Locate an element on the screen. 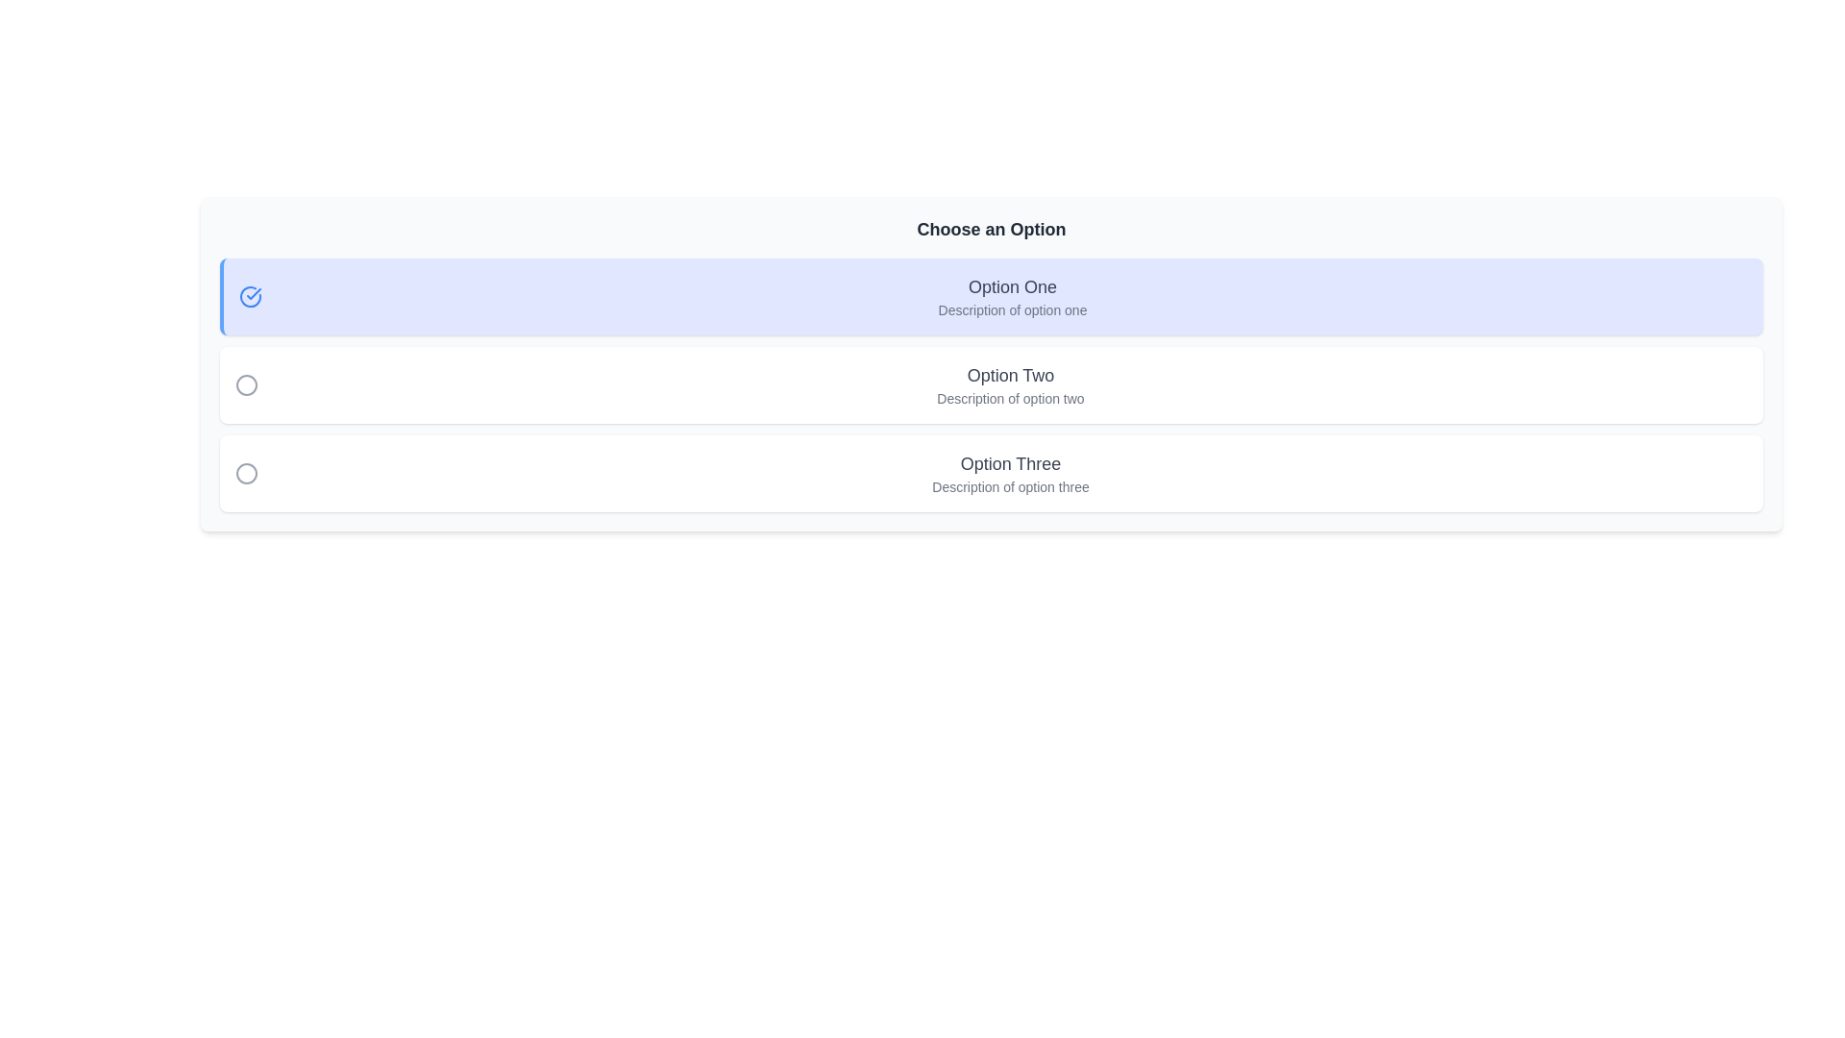  the button labeled 'Option One' with a light indigo background that contains a tick icon and descriptive text is located at coordinates (992, 296).